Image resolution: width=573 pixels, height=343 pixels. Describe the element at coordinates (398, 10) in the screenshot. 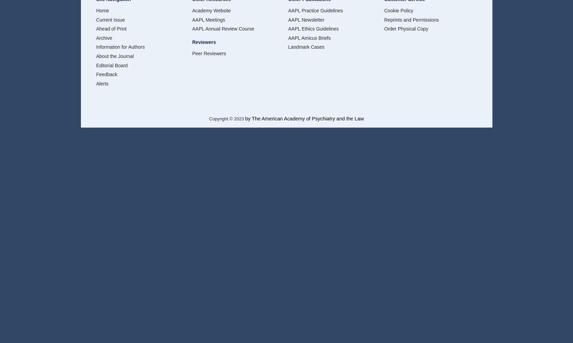

I see `'Cookie Policy'` at that location.